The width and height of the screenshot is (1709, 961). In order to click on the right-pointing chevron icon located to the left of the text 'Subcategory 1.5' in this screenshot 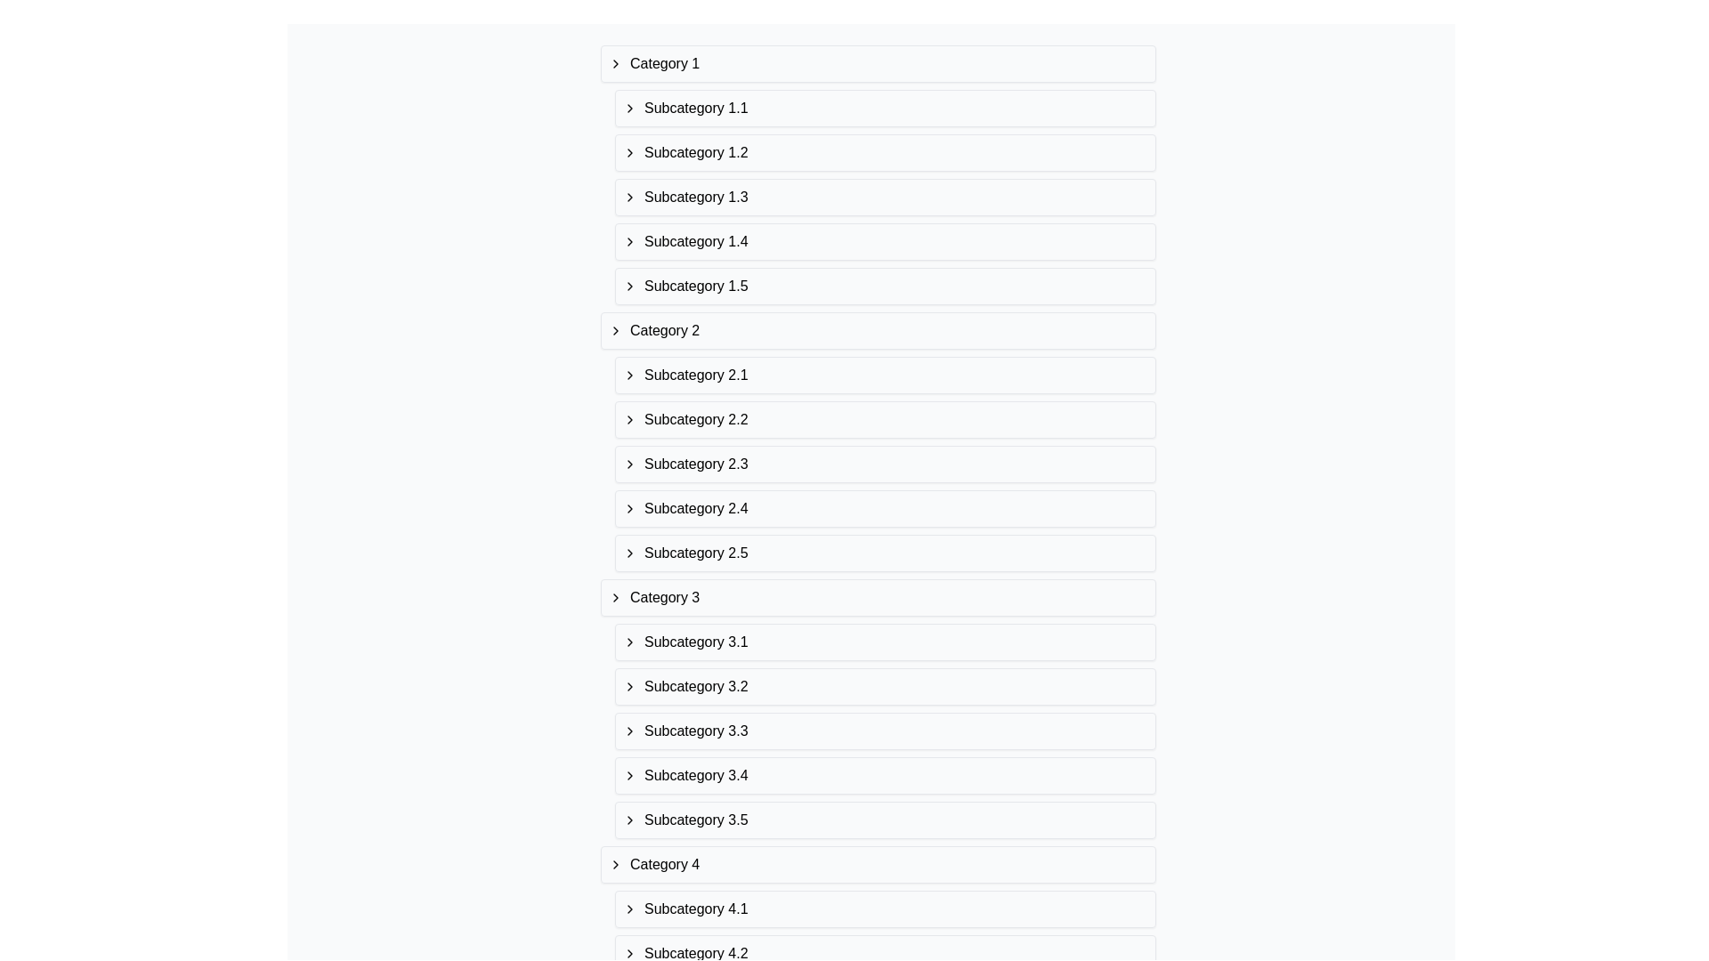, I will do `click(630, 285)`.